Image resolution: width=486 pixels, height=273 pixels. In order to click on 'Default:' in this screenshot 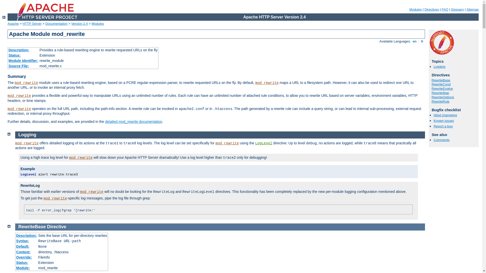, I will do `click(23, 246)`.